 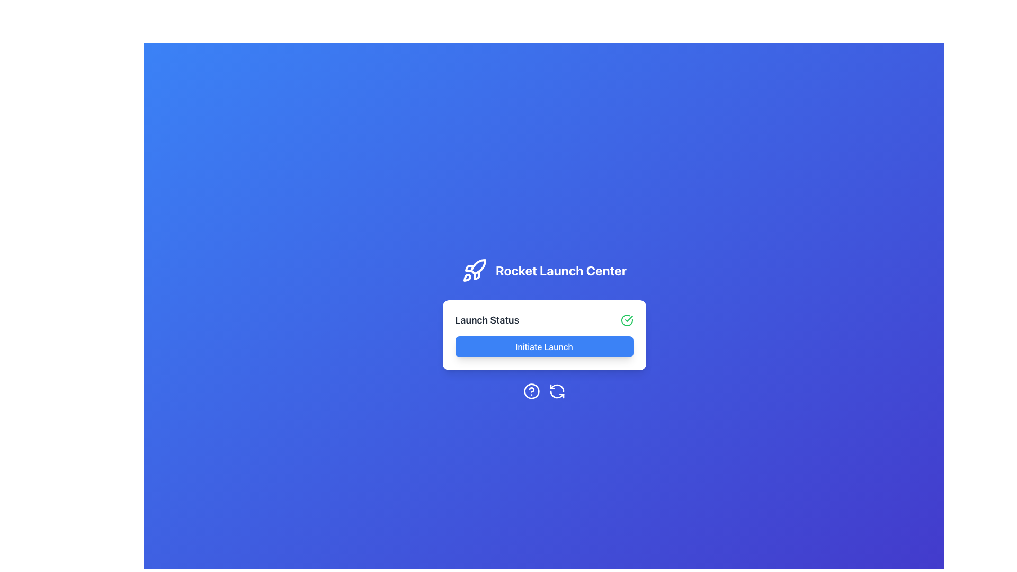 What do you see at coordinates (544, 320) in the screenshot?
I see `the Status Indicator displaying 'Launch Status' with a green circular checkmark, located centrally above the 'Initiate Launch' button` at bounding box center [544, 320].